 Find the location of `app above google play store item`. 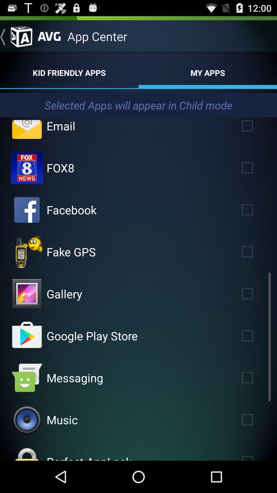

app above google play store item is located at coordinates (64, 294).